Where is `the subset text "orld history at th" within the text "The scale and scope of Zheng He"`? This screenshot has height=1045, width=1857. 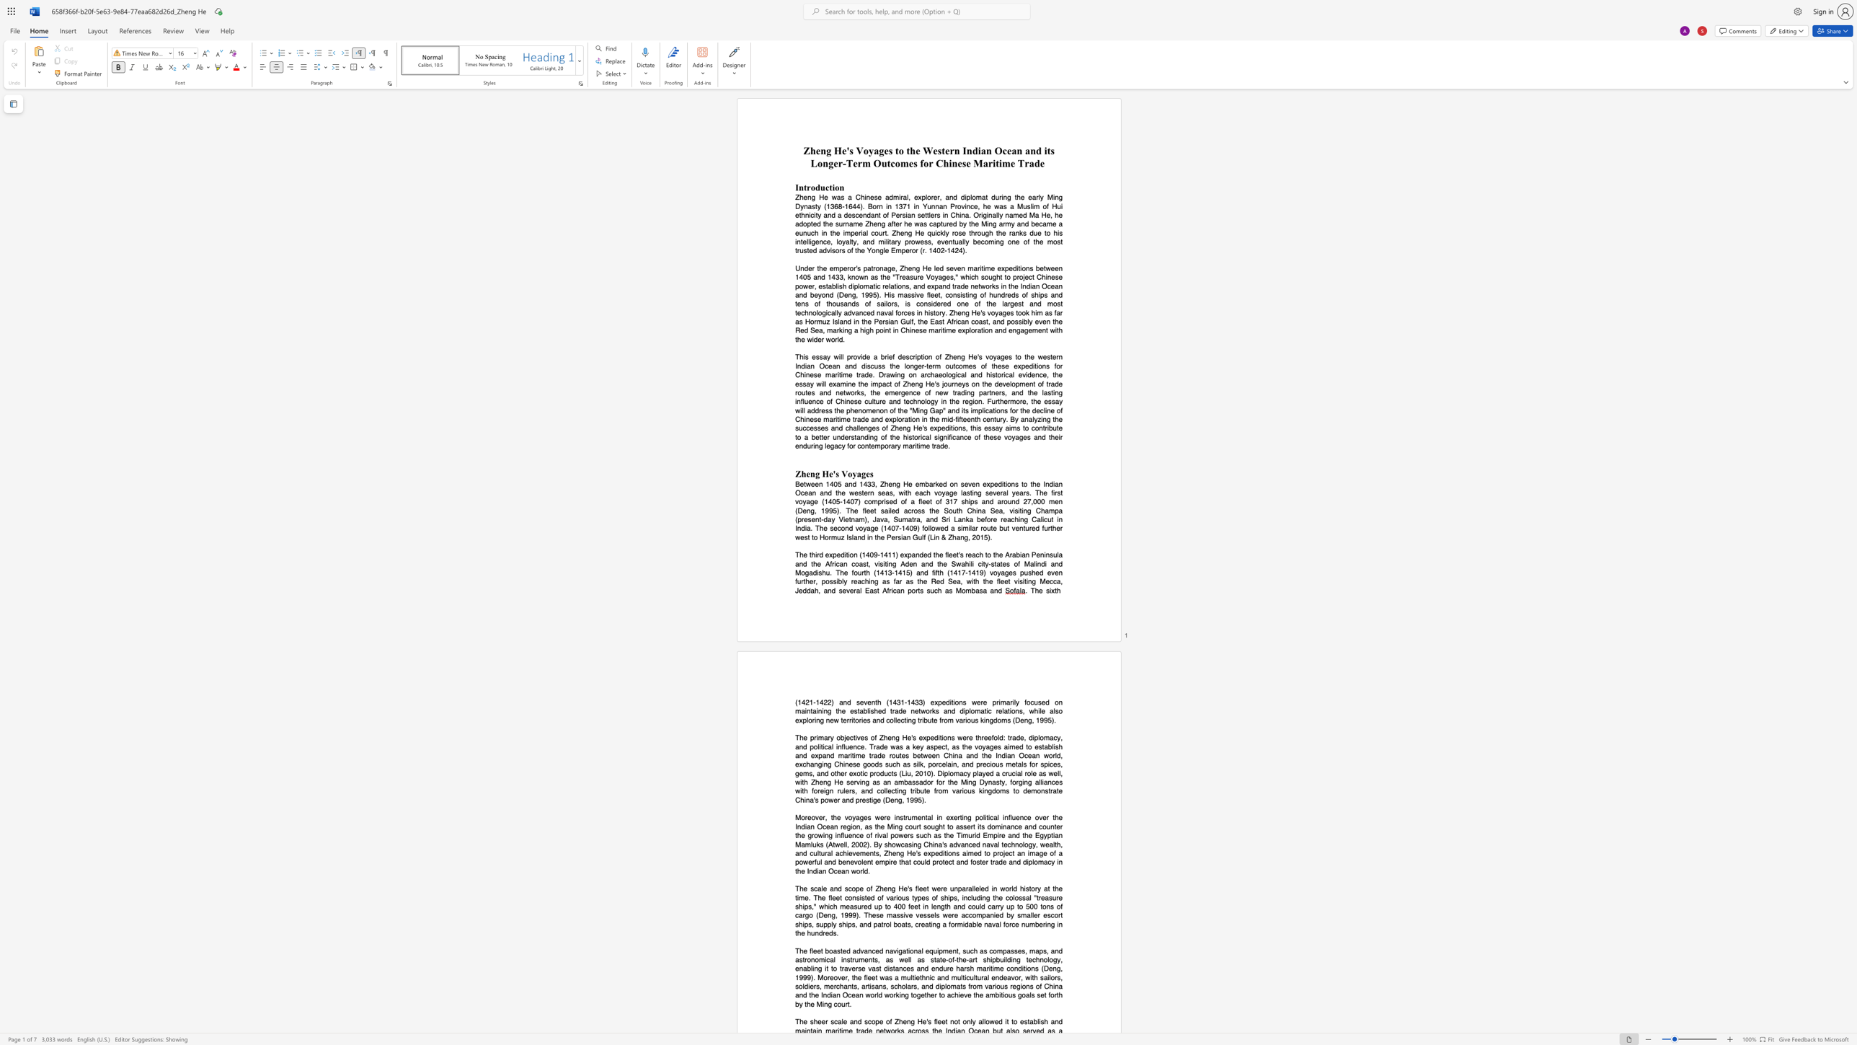 the subset text "orld history at th" within the text "The scale and scope of Zheng He" is located at coordinates (1004, 888).